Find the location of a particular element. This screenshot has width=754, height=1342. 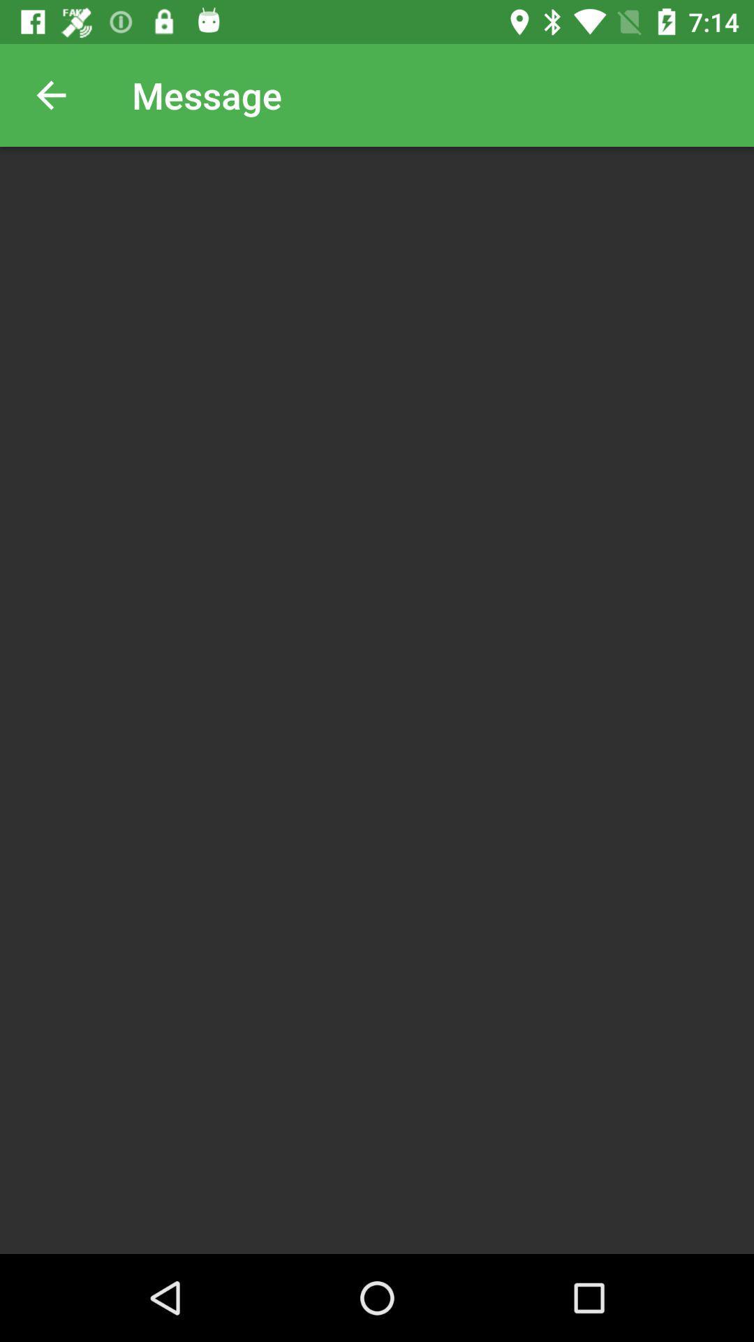

icon to the left of the message icon is located at coordinates (50, 94).